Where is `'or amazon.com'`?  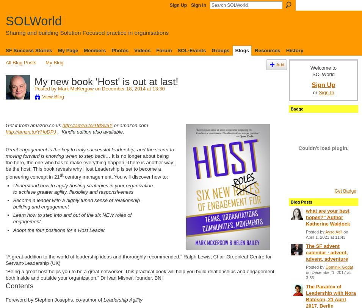 'or amazon.com' is located at coordinates (130, 125).